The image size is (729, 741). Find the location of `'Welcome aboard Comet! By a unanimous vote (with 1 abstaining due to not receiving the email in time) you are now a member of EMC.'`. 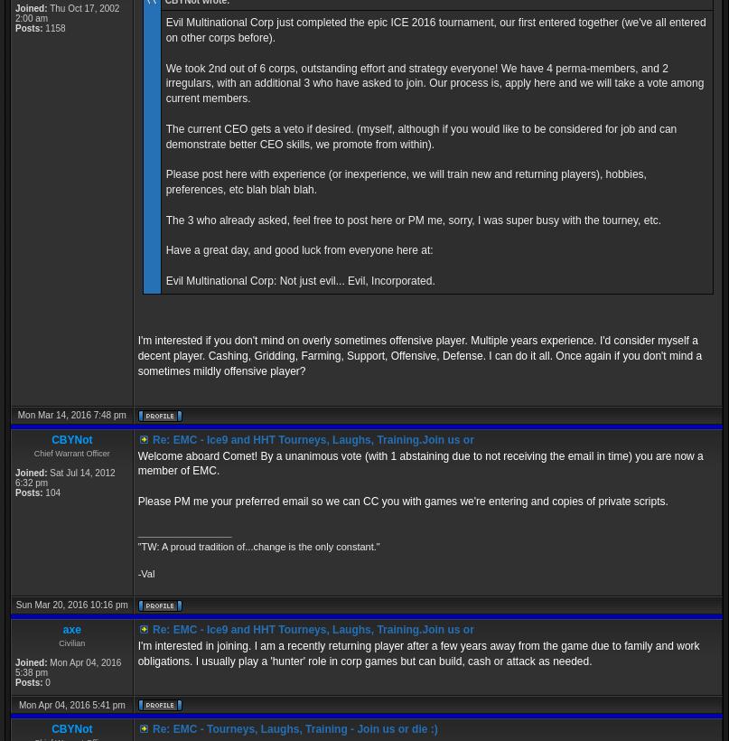

'Welcome aboard Comet! By a unanimous vote (with 1 abstaining due to not receiving the email in time) you are now a member of EMC.' is located at coordinates (418, 463).